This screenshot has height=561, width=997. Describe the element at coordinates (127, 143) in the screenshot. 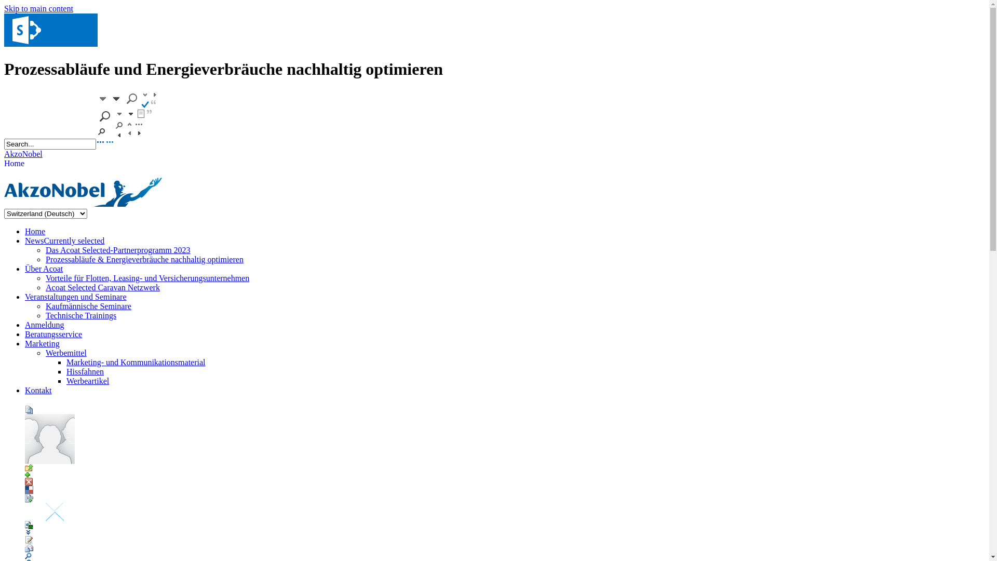

I see `'Search'` at that location.